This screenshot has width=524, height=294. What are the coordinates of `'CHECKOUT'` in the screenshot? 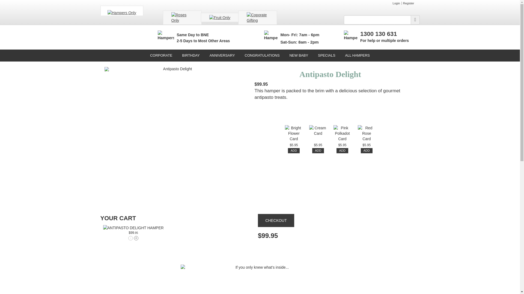 It's located at (276, 220).